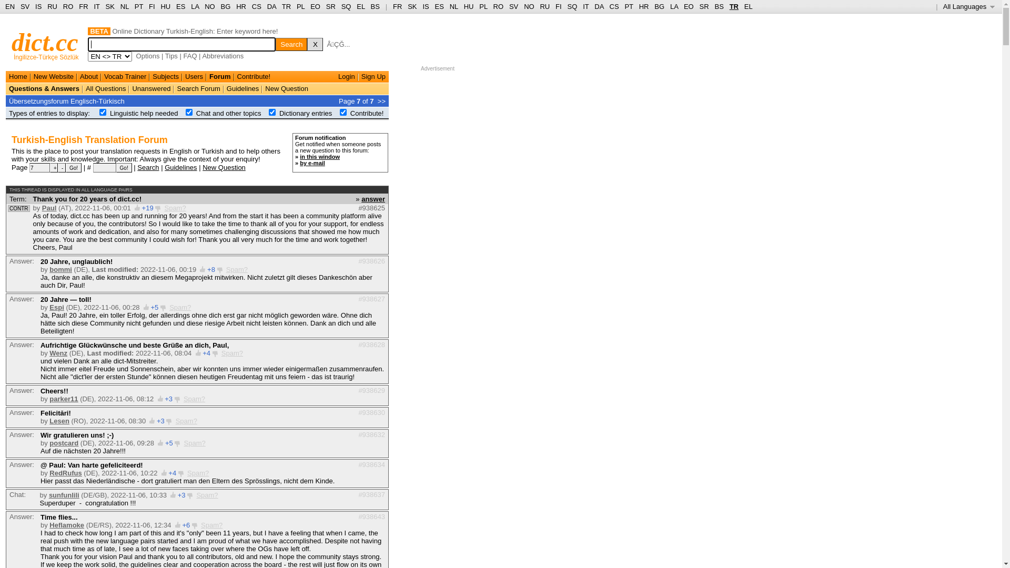 The height and width of the screenshot is (568, 1010). I want to click on 'Home', so click(18, 76).